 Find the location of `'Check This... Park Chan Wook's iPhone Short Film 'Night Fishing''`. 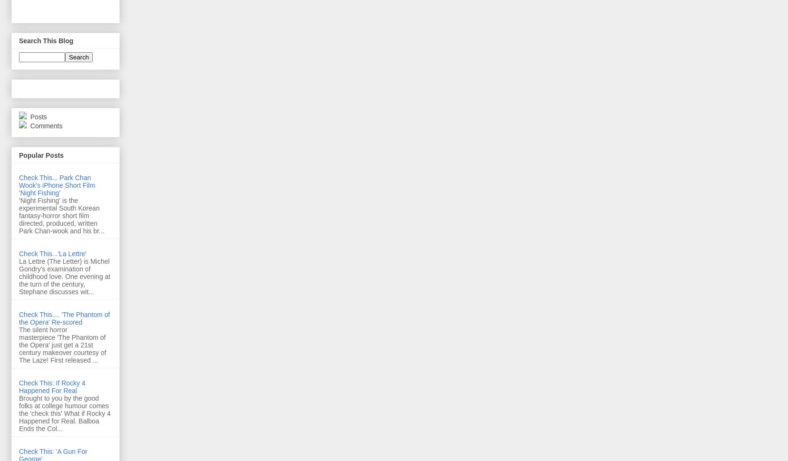

'Check This... Park Chan Wook's iPhone Short Film 'Night Fishing'' is located at coordinates (57, 184).